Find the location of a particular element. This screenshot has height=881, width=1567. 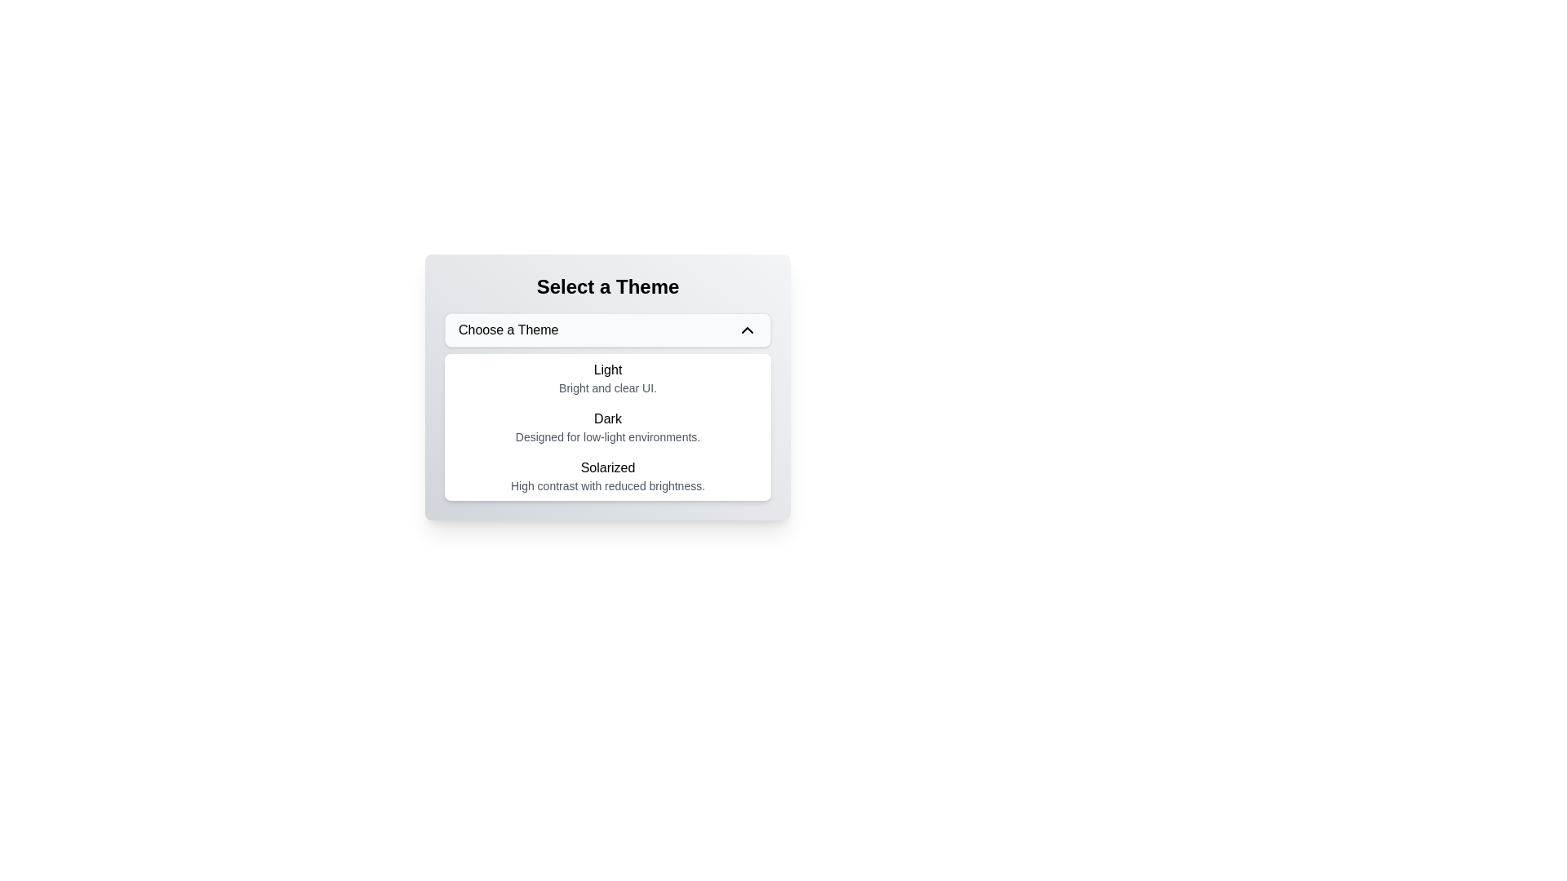

the title or heading text block at the top center of the theme selection card, which indicates the purpose of the section is located at coordinates (606, 286).